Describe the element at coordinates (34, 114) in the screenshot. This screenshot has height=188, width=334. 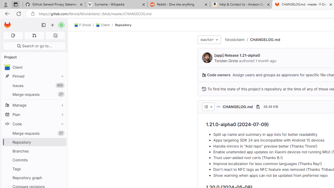
I see `'Plan'` at that location.